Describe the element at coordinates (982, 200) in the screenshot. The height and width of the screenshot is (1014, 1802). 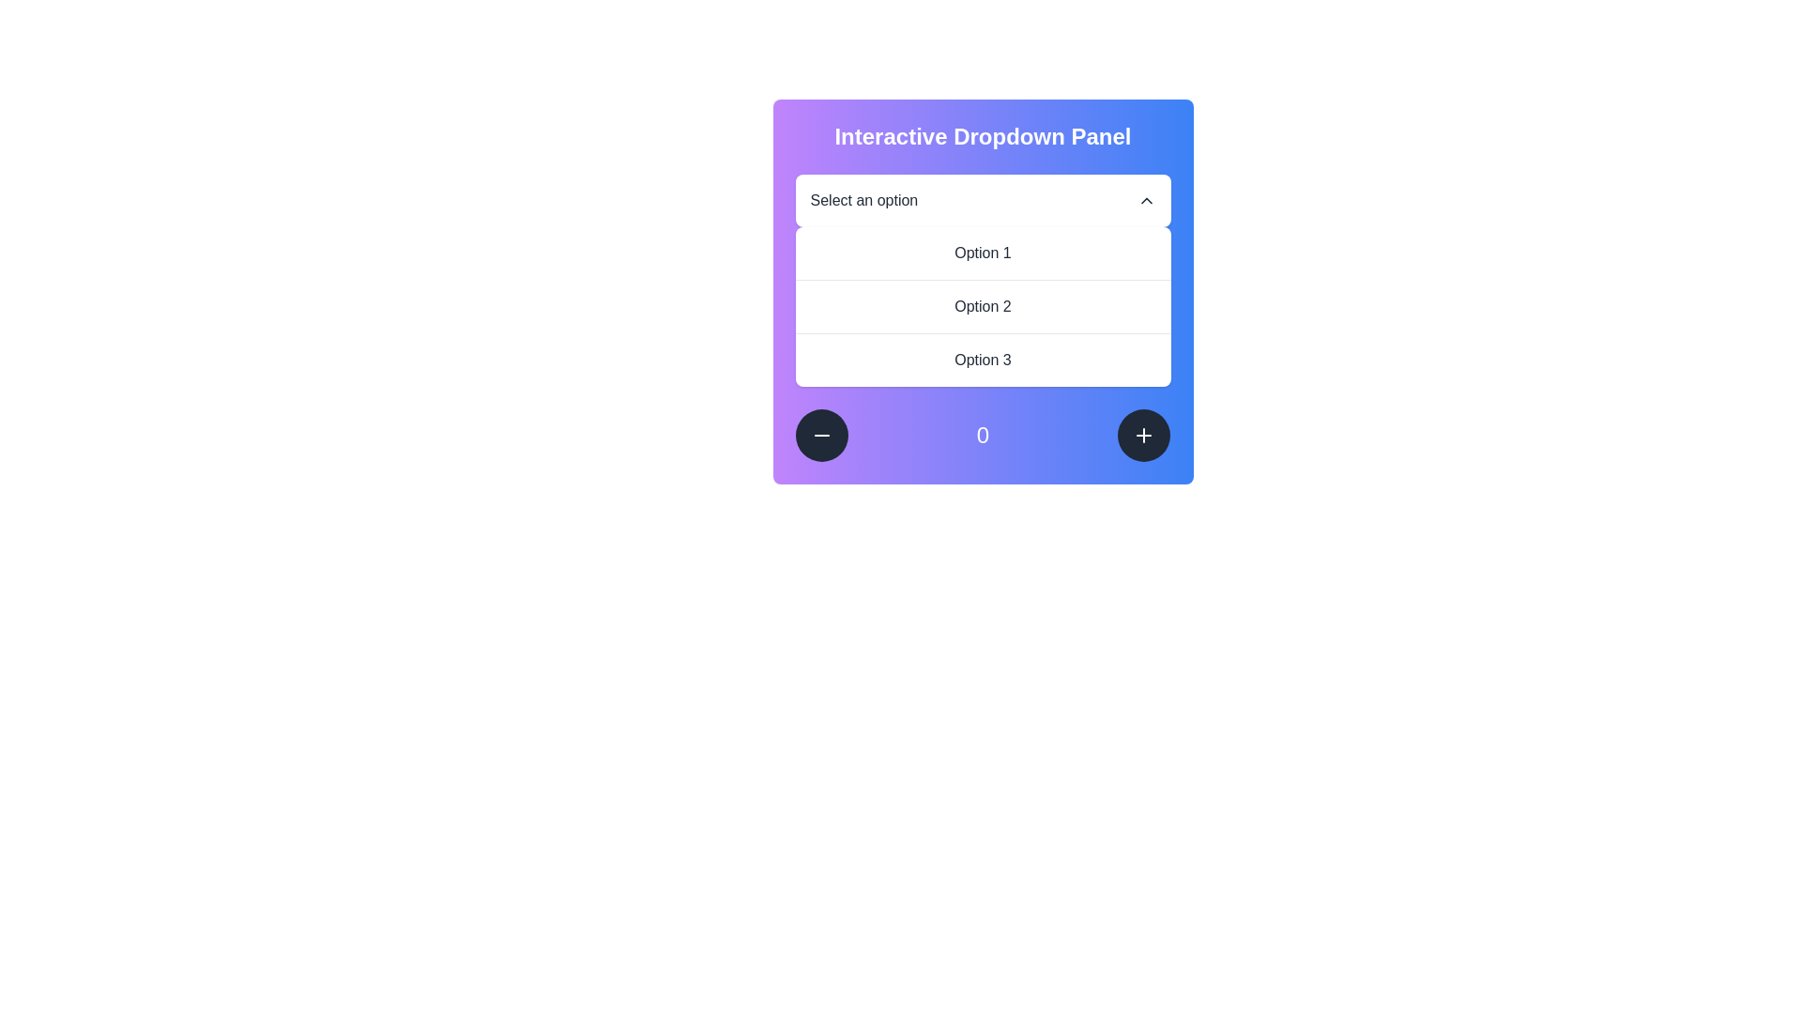
I see `the Dropdown button labeled 'Select an option' which is a white rectangular button with rounded corners, positioned below the title 'Interactive Dropdown Panel'` at that location.